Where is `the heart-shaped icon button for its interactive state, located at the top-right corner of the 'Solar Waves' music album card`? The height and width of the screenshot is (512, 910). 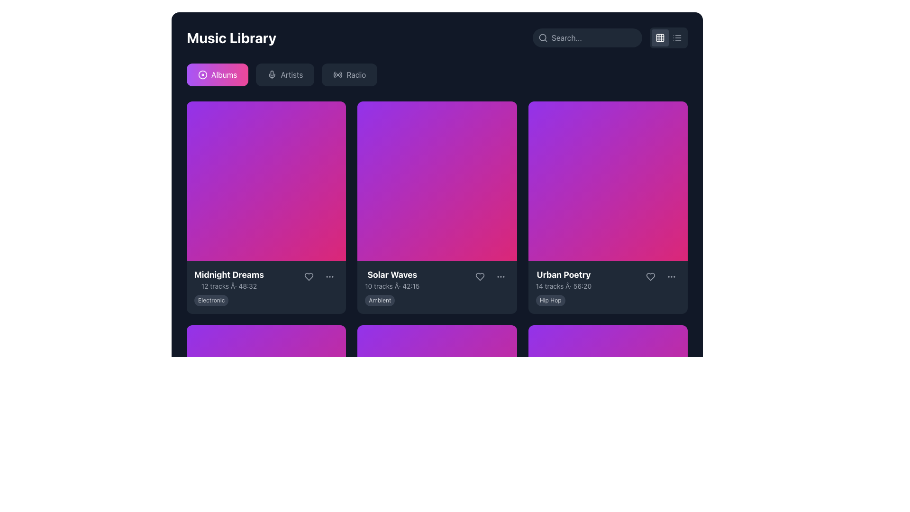
the heart-shaped icon button for its interactive state, located at the top-right corner of the 'Solar Waves' music album card is located at coordinates (480, 277).